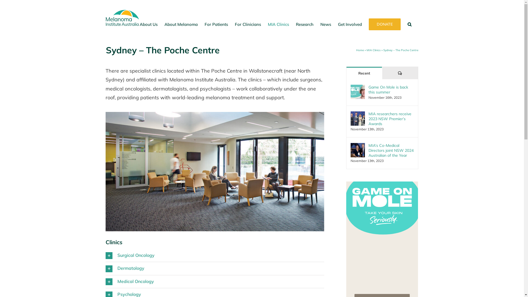 This screenshot has height=297, width=528. I want to click on 'DONATE', so click(368, 24).